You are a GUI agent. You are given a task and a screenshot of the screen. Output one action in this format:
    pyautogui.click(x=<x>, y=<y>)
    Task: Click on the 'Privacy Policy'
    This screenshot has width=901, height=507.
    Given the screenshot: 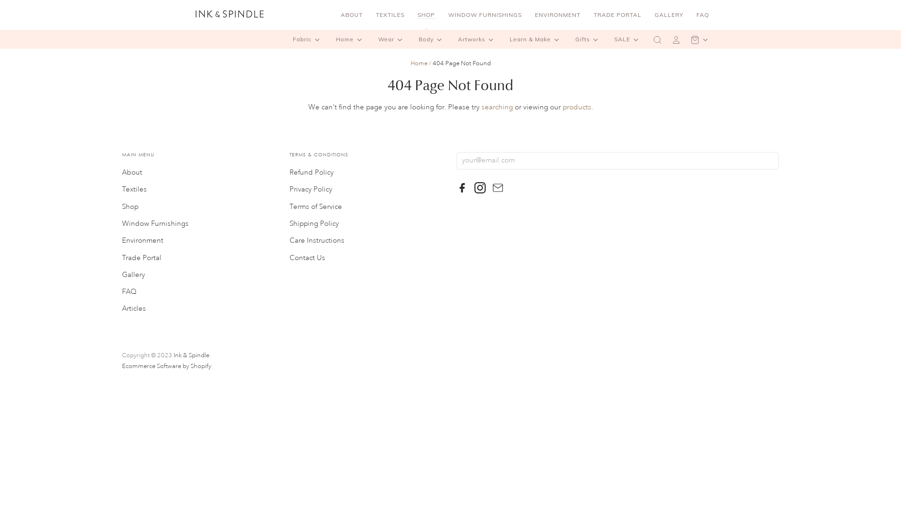 What is the action you would take?
    pyautogui.click(x=289, y=189)
    